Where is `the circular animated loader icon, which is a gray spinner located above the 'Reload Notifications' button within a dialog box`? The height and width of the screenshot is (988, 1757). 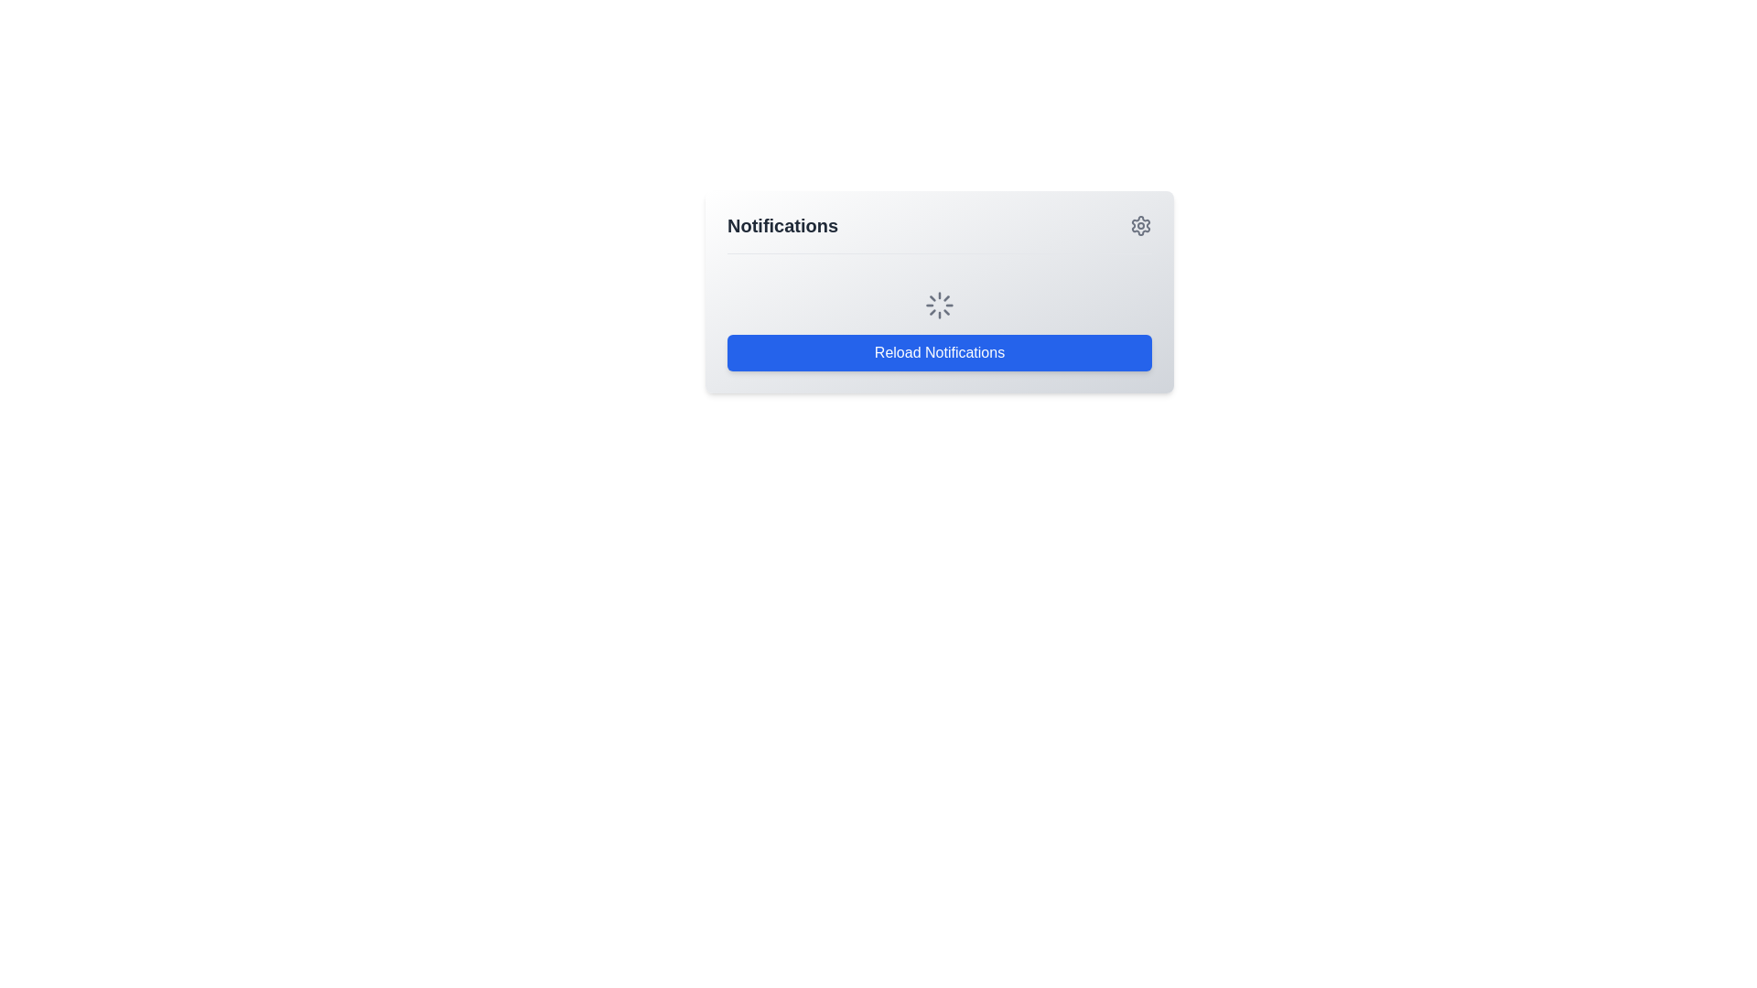
the circular animated loader icon, which is a gray spinner located above the 'Reload Notifications' button within a dialog box is located at coordinates (940, 305).